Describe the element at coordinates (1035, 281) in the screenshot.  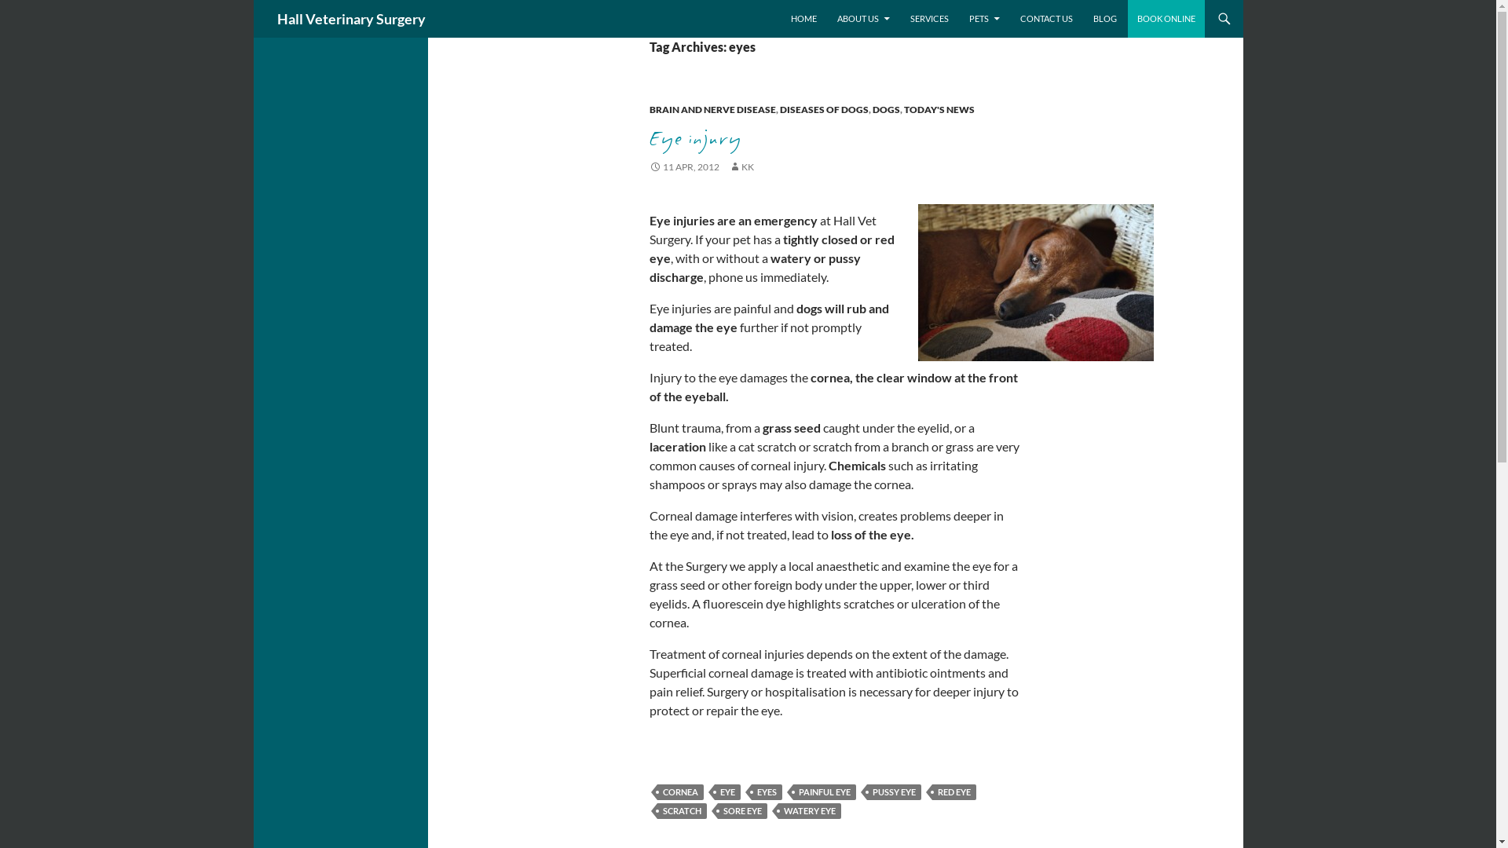
I see `'IMG_8545-1'` at that location.